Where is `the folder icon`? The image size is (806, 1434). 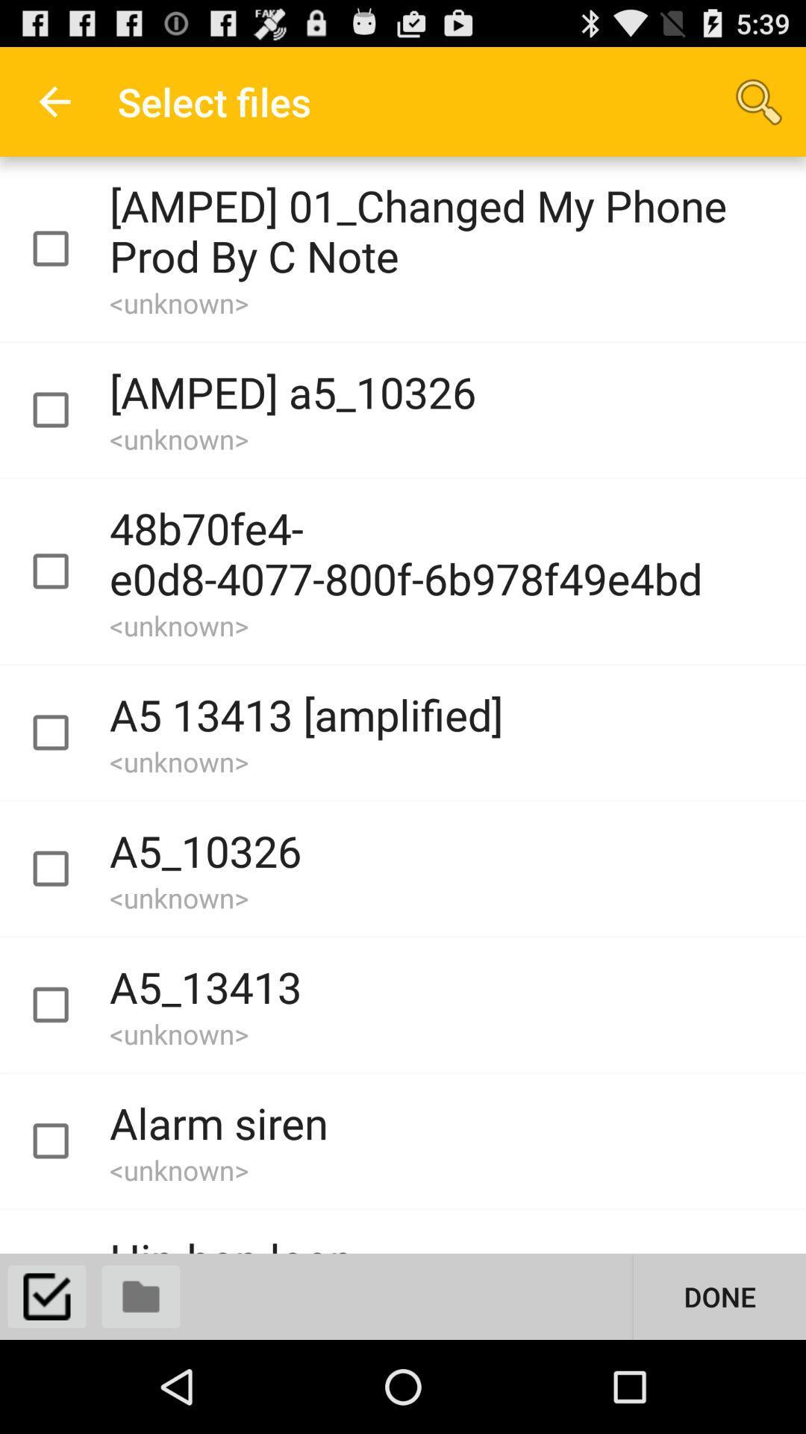
the folder icon is located at coordinates (141, 1387).